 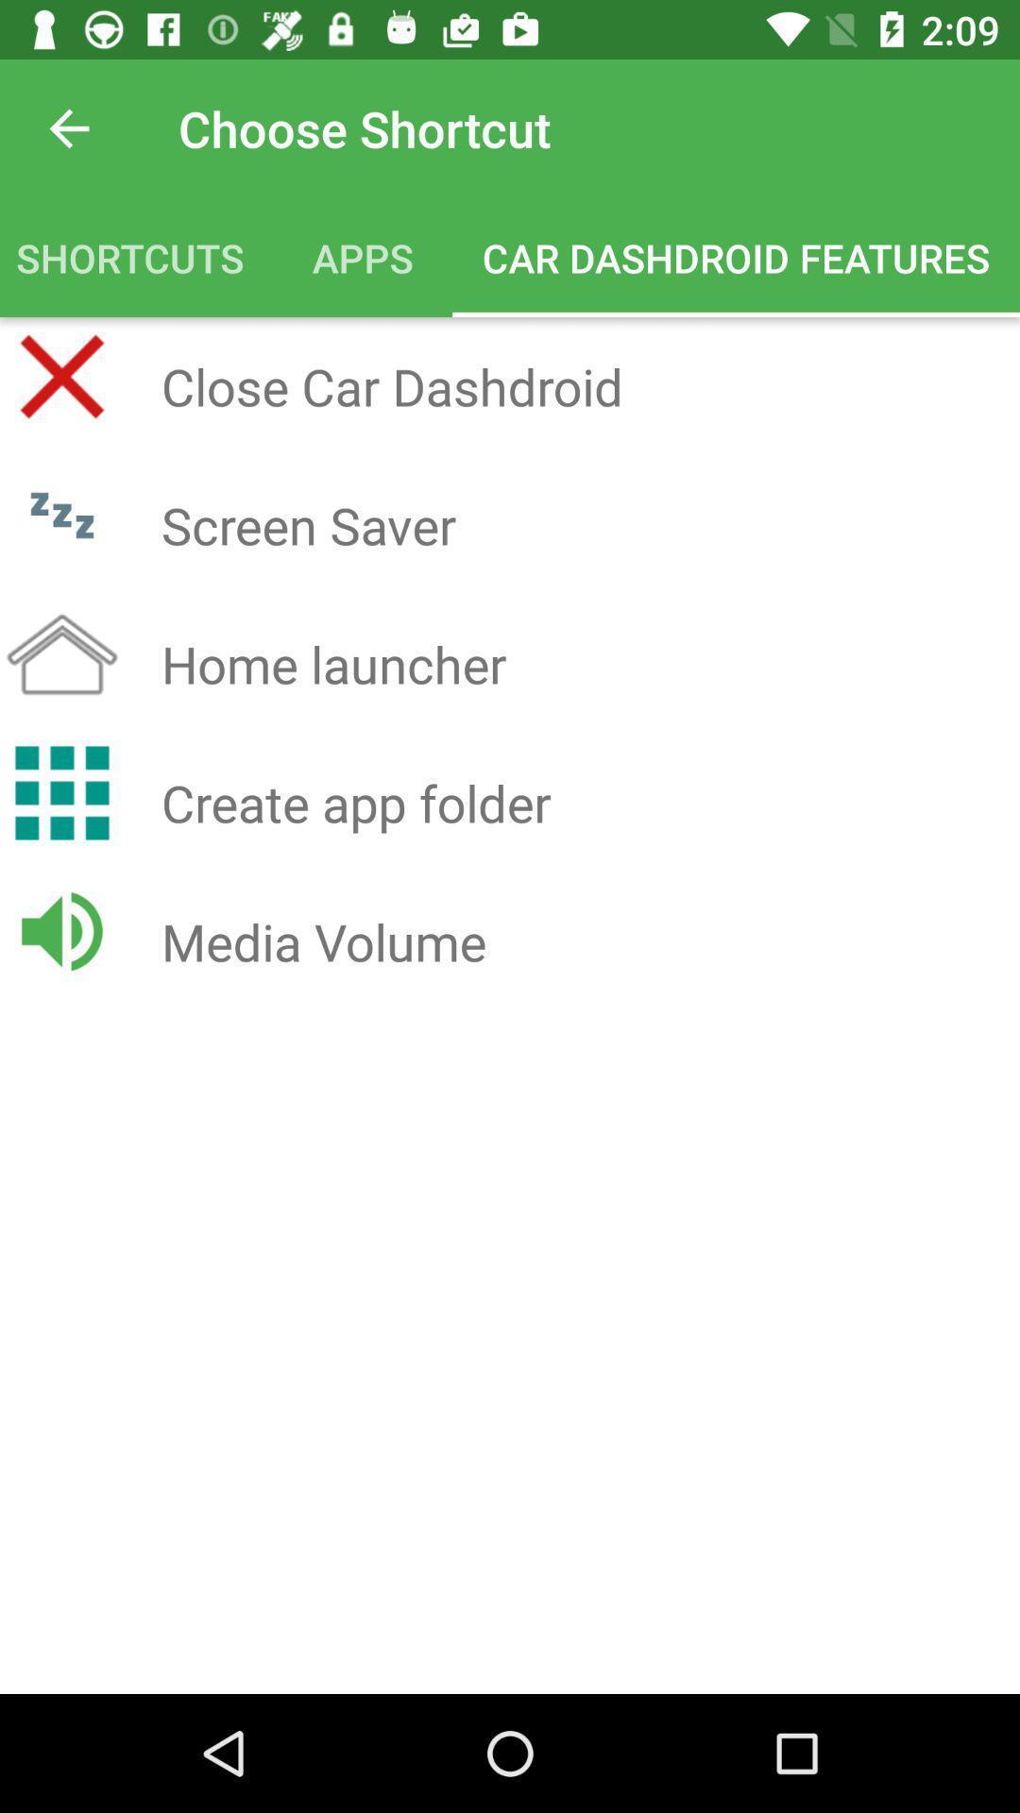 I want to click on the item to the left of the choose shortcut item, so click(x=68, y=127).